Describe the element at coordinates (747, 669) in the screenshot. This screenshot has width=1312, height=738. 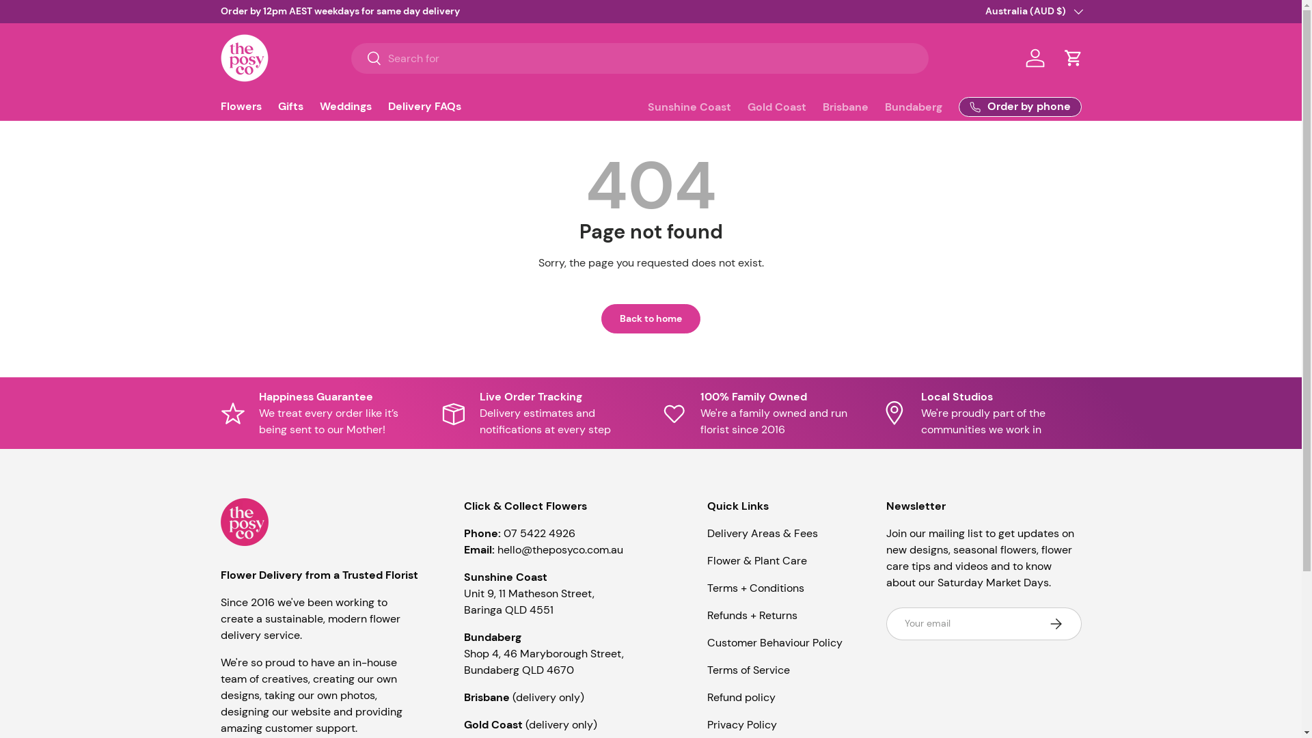
I see `'Terms of Service'` at that location.